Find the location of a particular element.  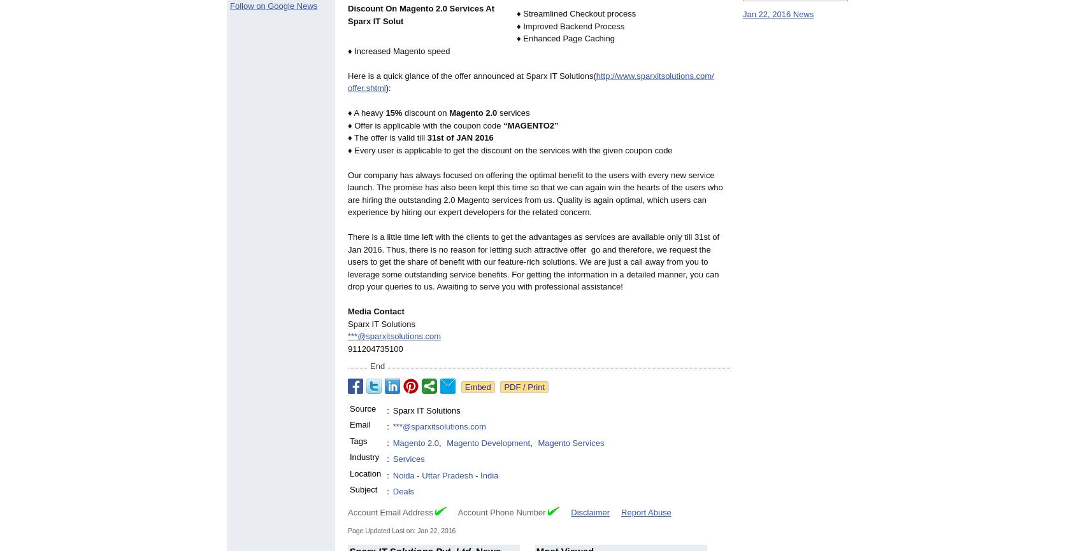

'Media Contact' is located at coordinates (375, 311).